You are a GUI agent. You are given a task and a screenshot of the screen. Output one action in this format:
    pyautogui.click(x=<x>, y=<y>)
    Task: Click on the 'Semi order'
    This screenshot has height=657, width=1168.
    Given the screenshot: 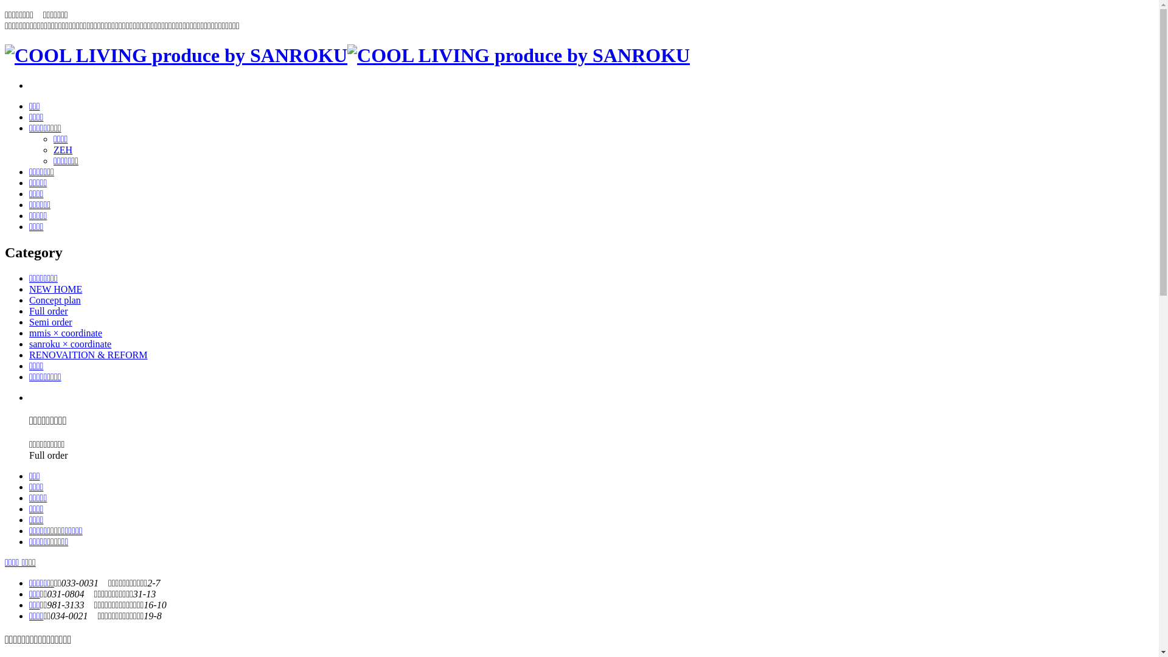 What is the action you would take?
    pyautogui.click(x=50, y=321)
    